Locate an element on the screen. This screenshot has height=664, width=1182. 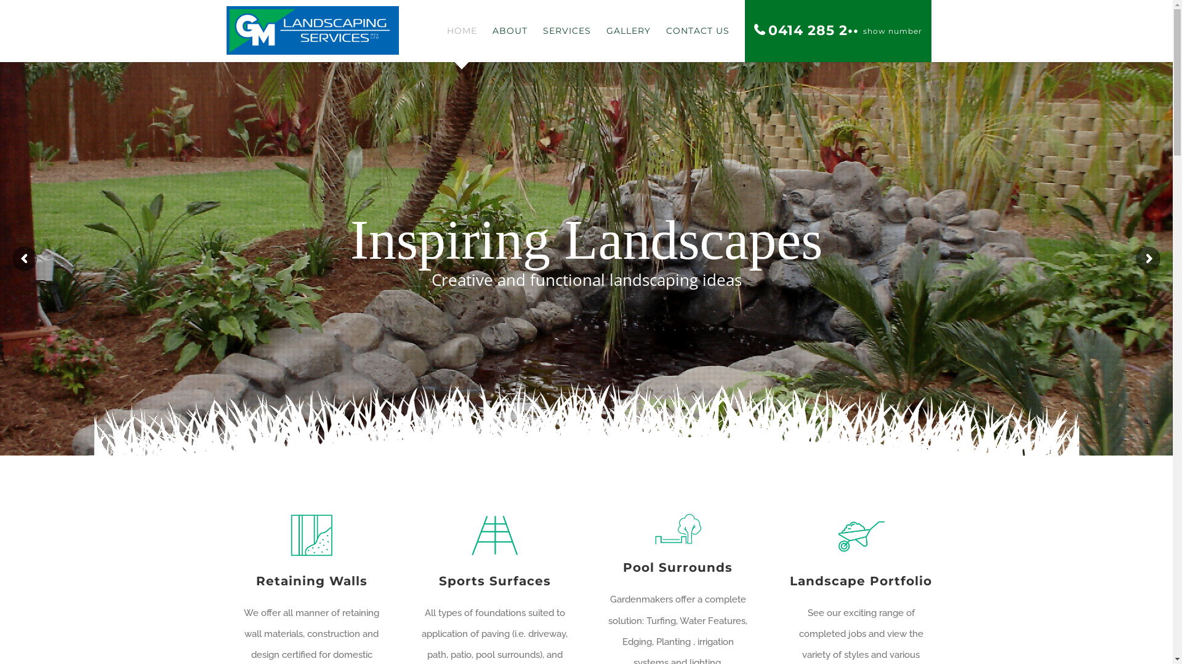
'GALLERY' is located at coordinates (605, 30).